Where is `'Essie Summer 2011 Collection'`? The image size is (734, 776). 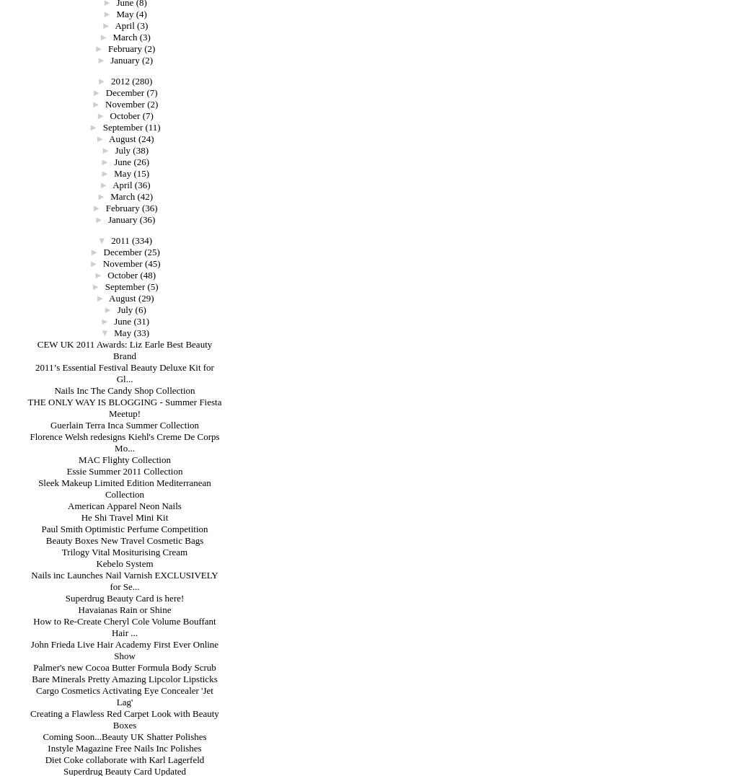
'Essie Summer 2011 Collection' is located at coordinates (124, 470).